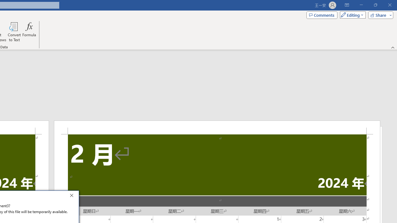  What do you see at coordinates (29, 32) in the screenshot?
I see `'Formula...'` at bounding box center [29, 32].